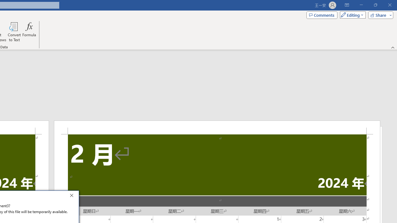  What do you see at coordinates (29, 32) in the screenshot?
I see `'Formula...'` at bounding box center [29, 32].